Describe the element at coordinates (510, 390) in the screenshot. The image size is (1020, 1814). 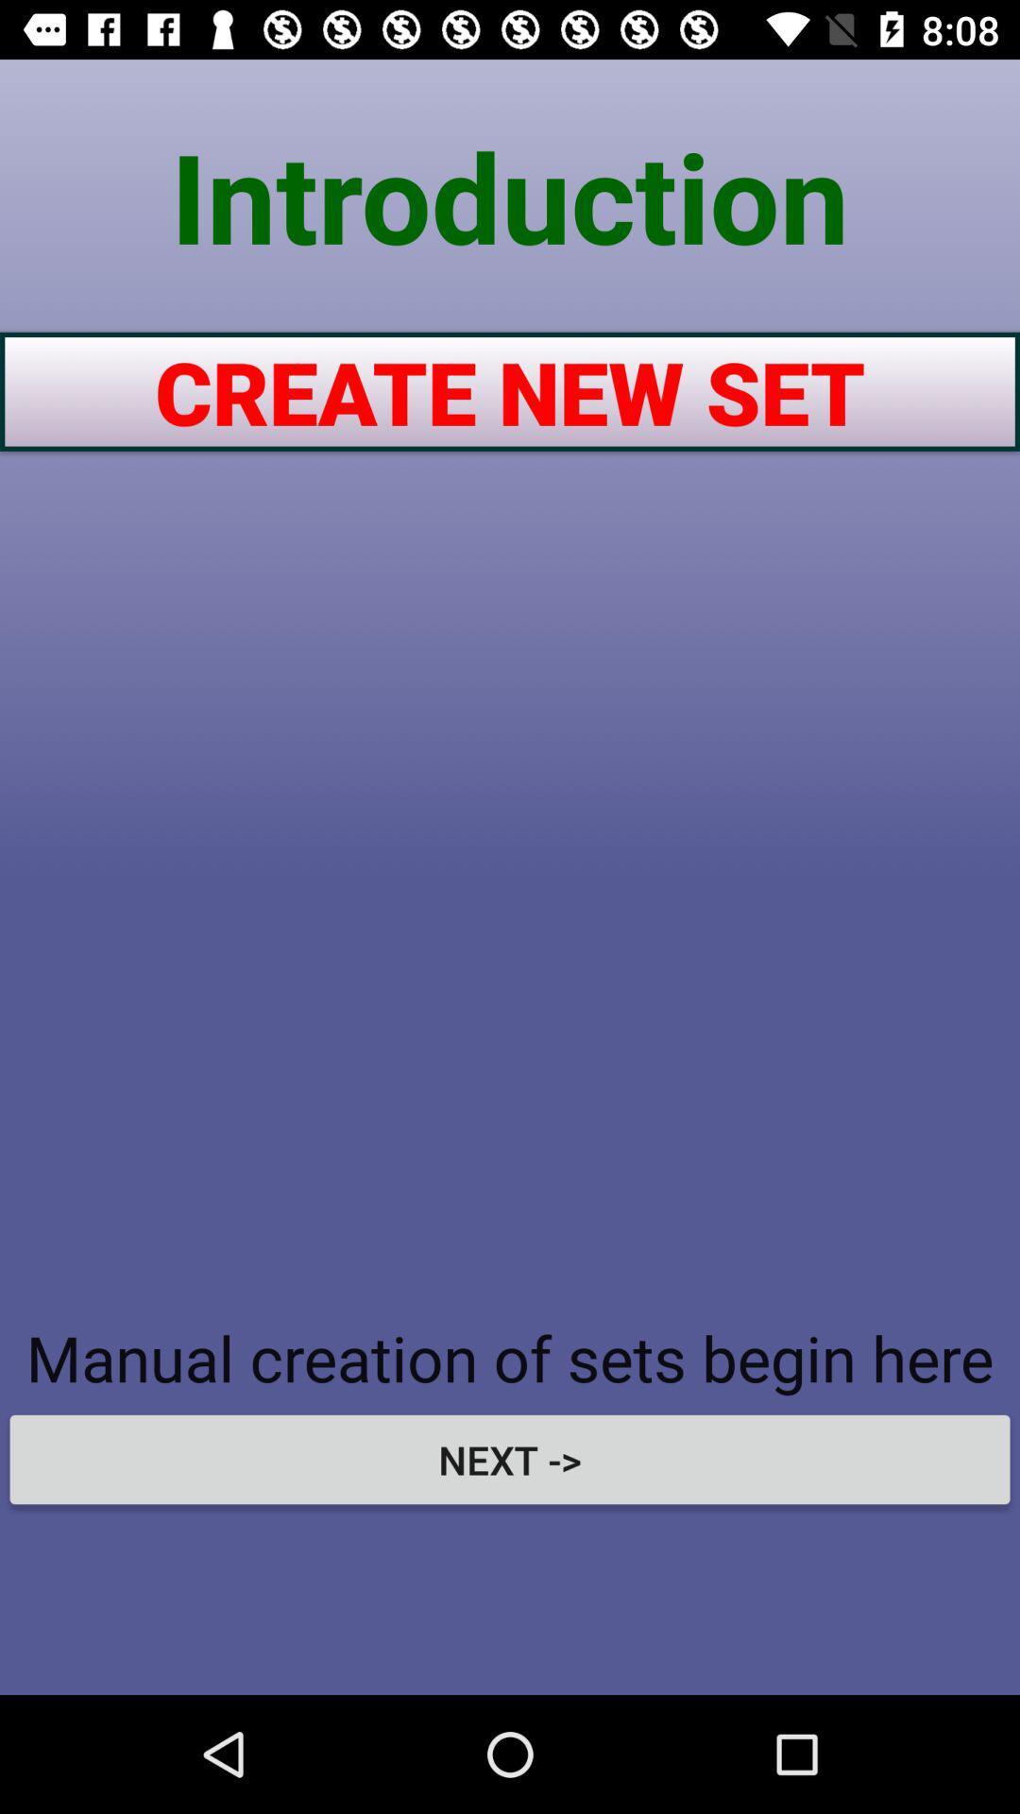
I see `create new set button` at that location.